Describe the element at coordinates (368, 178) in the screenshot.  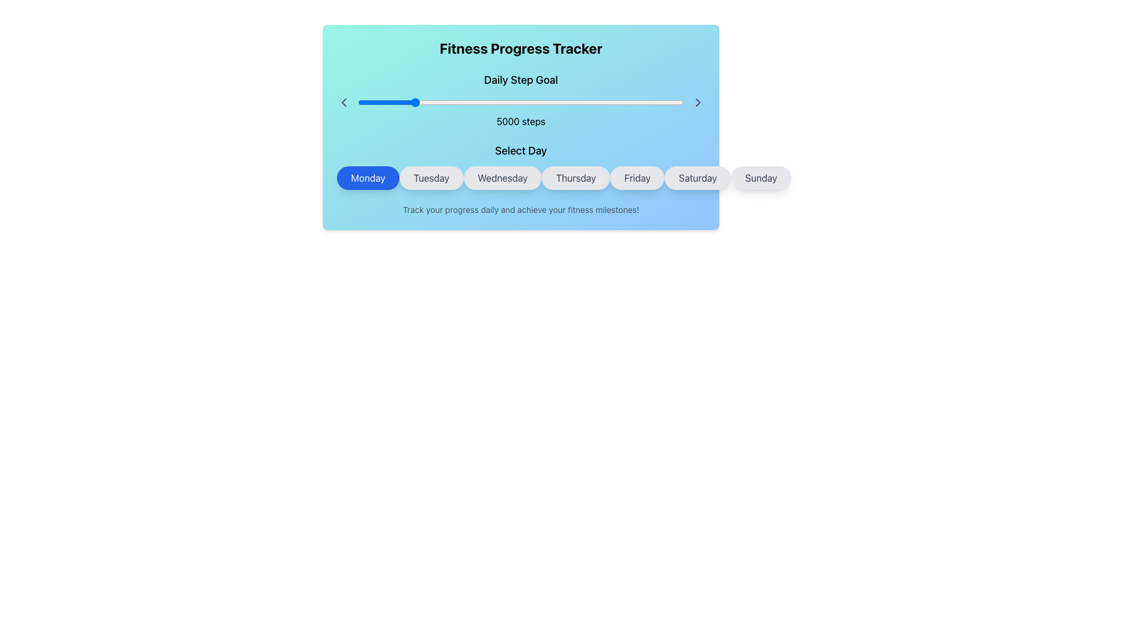
I see `the 'Monday' button, which is the first in the series of buttons representing days of the week, located beneath the 'Select Day' label` at that location.